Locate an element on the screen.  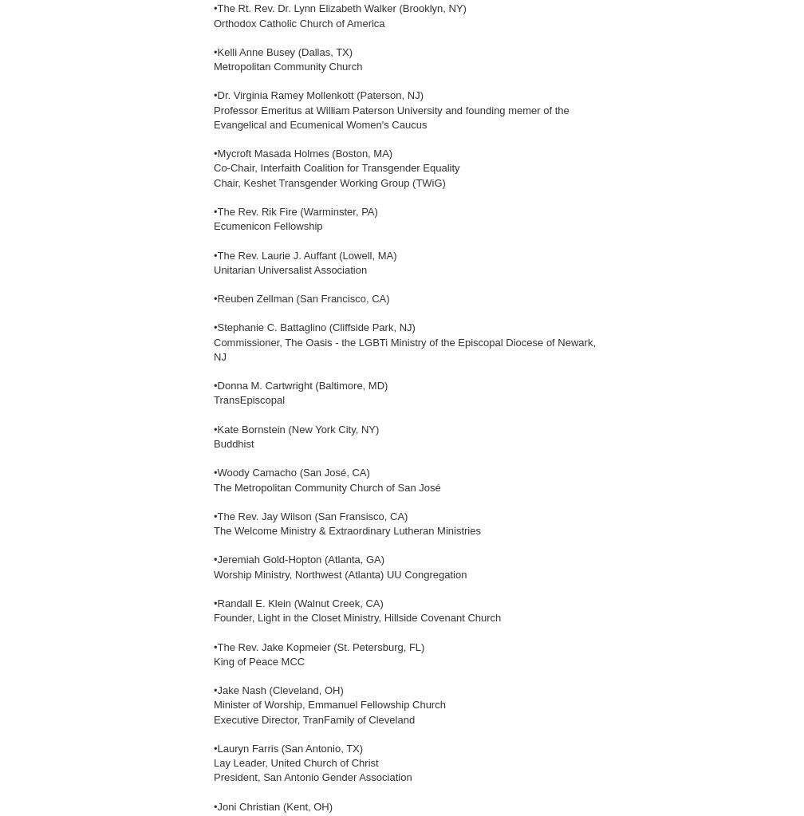
'•The Rev. Laurie J. Auffant (Lowell, MA)' is located at coordinates (305, 254).